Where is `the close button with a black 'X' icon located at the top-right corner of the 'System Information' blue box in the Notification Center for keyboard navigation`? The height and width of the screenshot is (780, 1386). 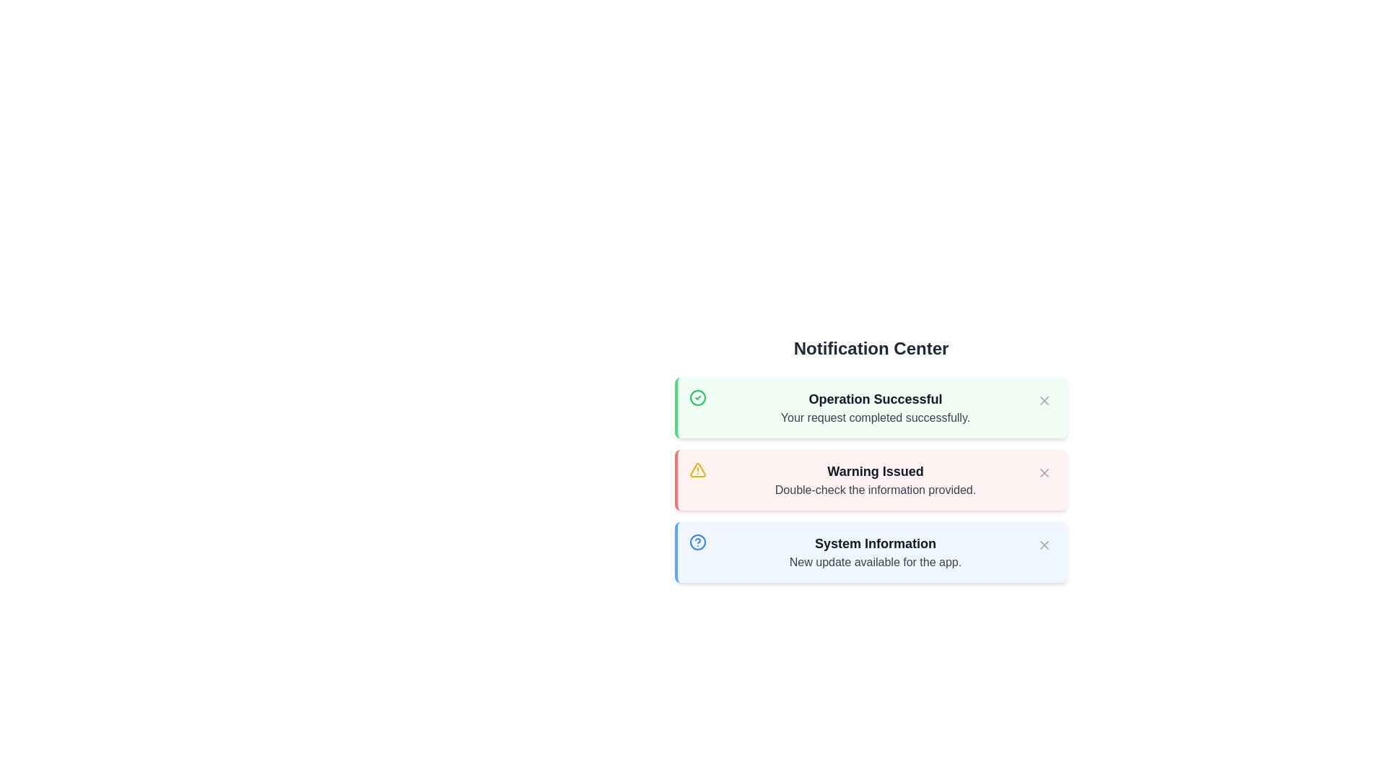 the close button with a black 'X' icon located at the top-right corner of the 'System Information' blue box in the Notification Center for keyboard navigation is located at coordinates (1044, 545).